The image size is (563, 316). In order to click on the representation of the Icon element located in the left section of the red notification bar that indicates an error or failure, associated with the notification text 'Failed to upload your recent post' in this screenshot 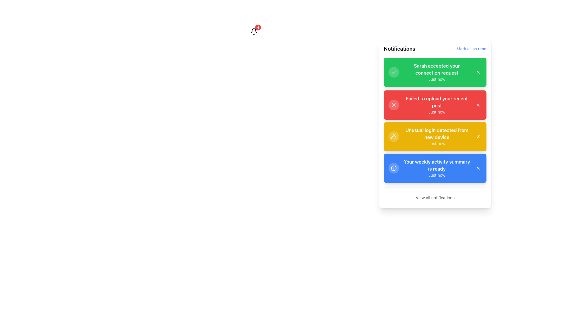, I will do `click(394, 104)`.